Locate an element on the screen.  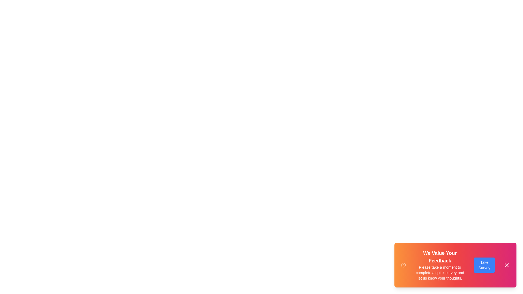
the 'Take Survey' button to redirect to the feedback form is located at coordinates (484, 265).